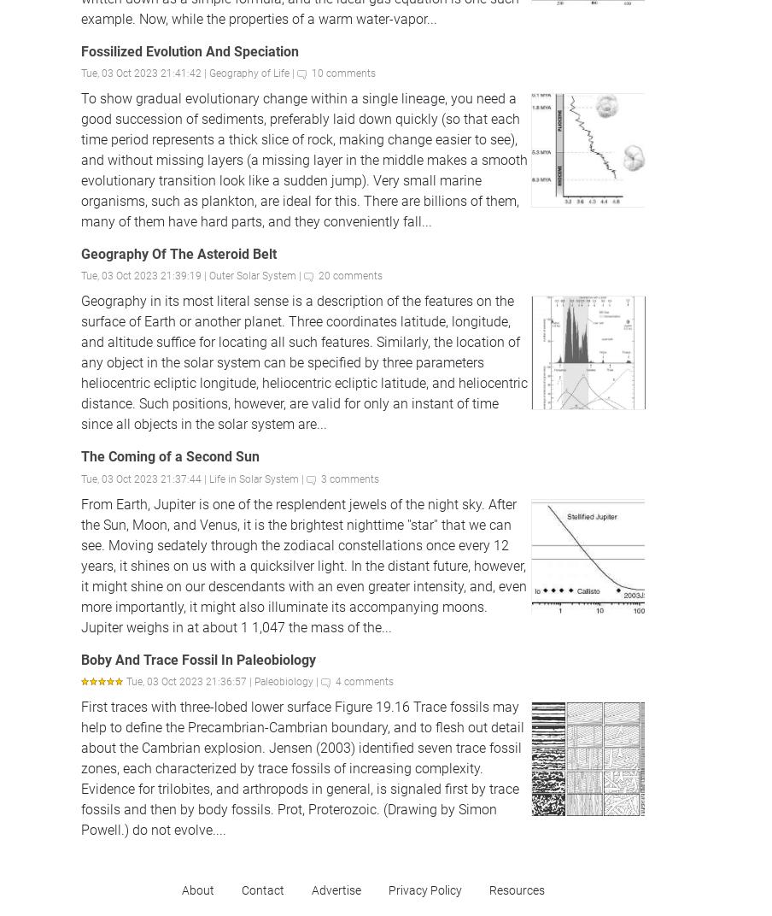  I want to click on 'Boby And Trace Fossil In Paleobiology', so click(81, 659).